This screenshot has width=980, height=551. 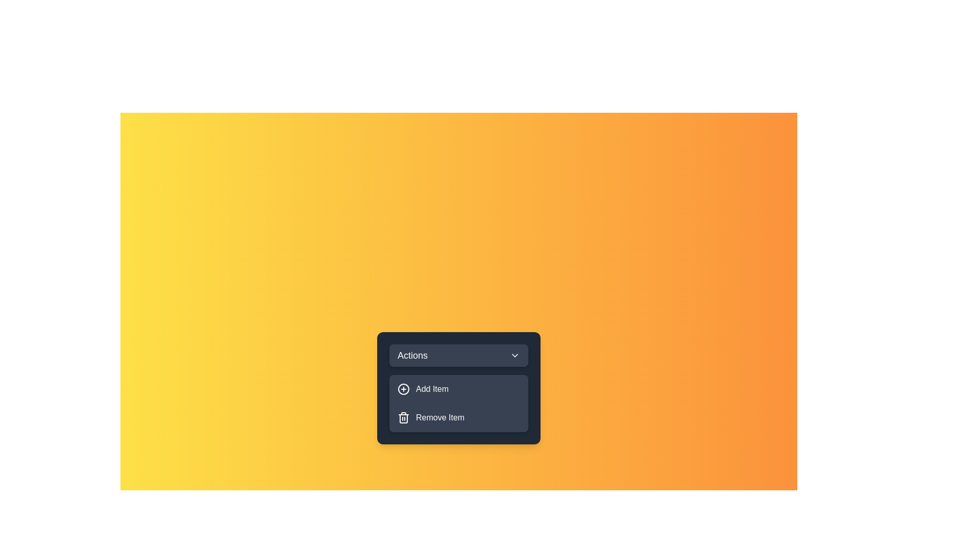 I want to click on the icon next to the menu item Add Item, so click(x=403, y=389).